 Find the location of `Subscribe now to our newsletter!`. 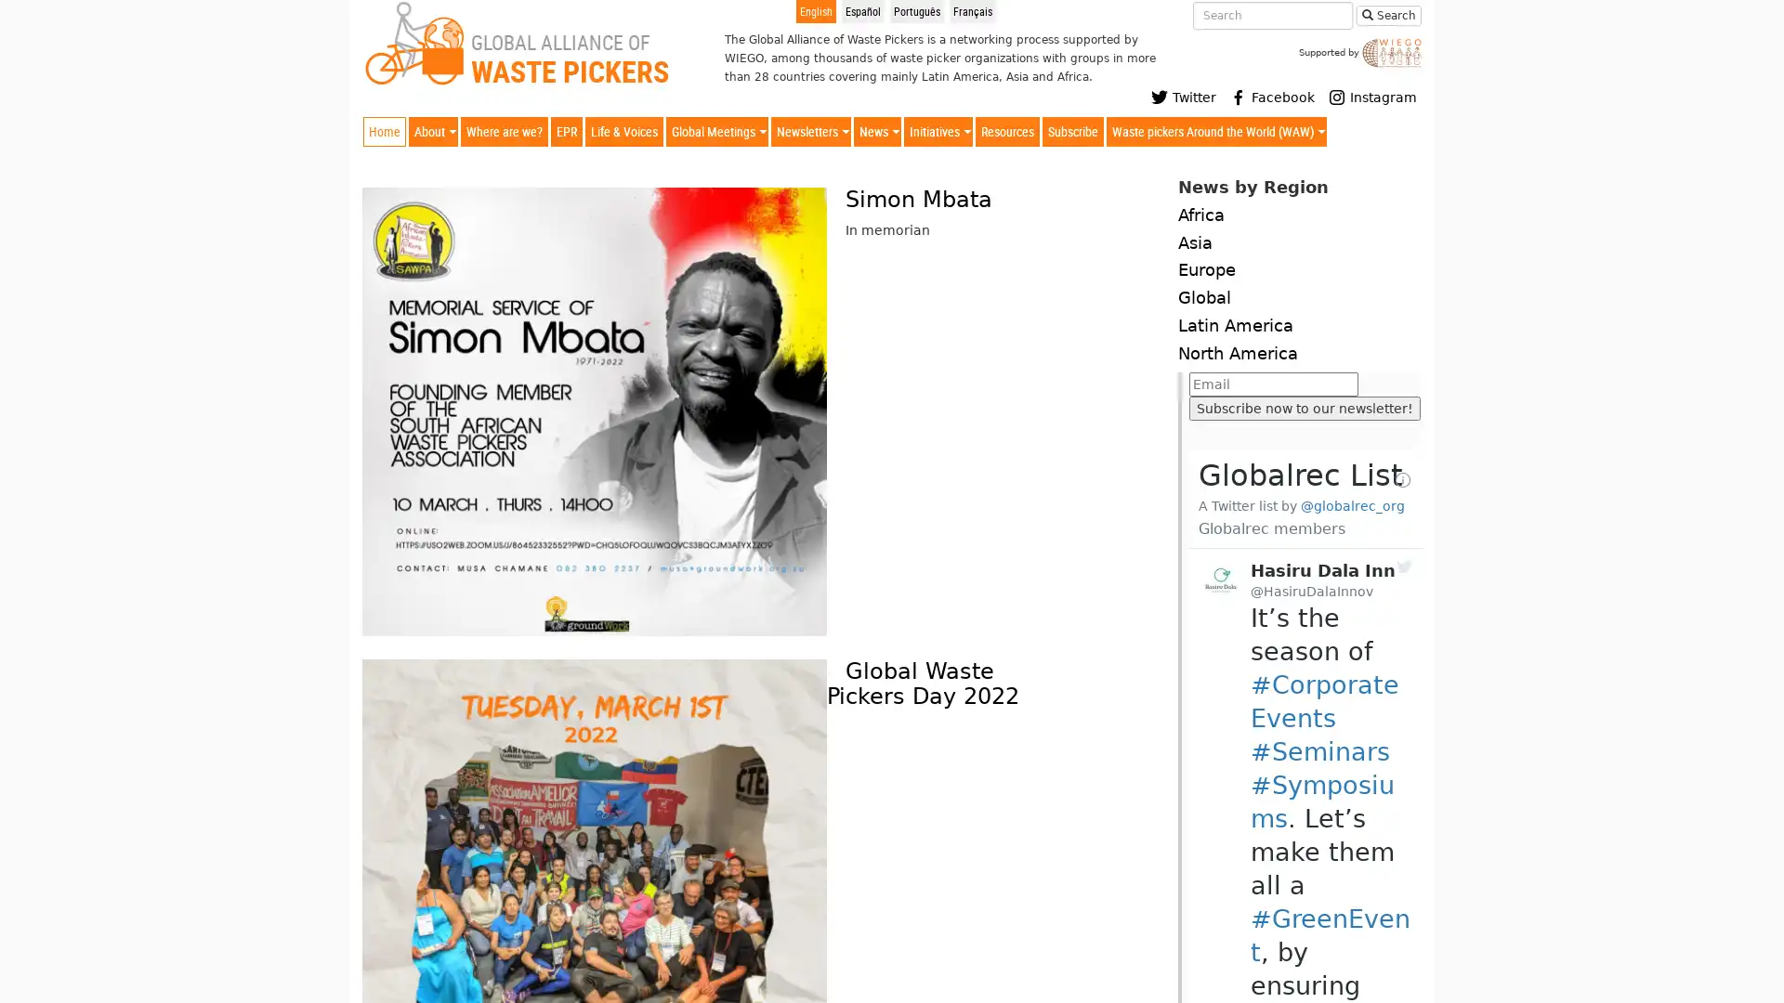

Subscribe now to our newsletter! is located at coordinates (1303, 407).